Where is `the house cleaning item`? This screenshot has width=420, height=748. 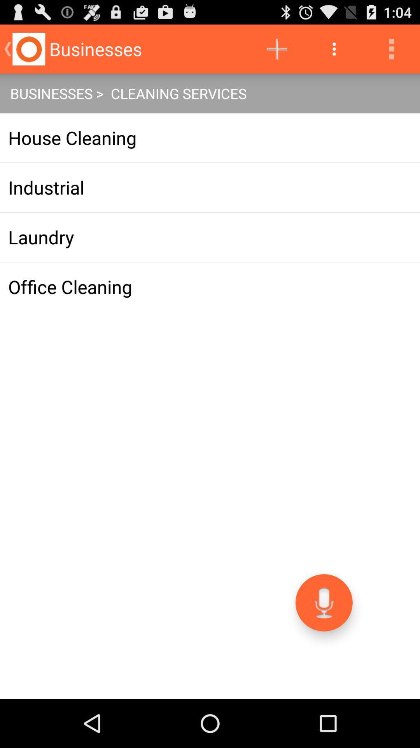
the house cleaning item is located at coordinates (210, 138).